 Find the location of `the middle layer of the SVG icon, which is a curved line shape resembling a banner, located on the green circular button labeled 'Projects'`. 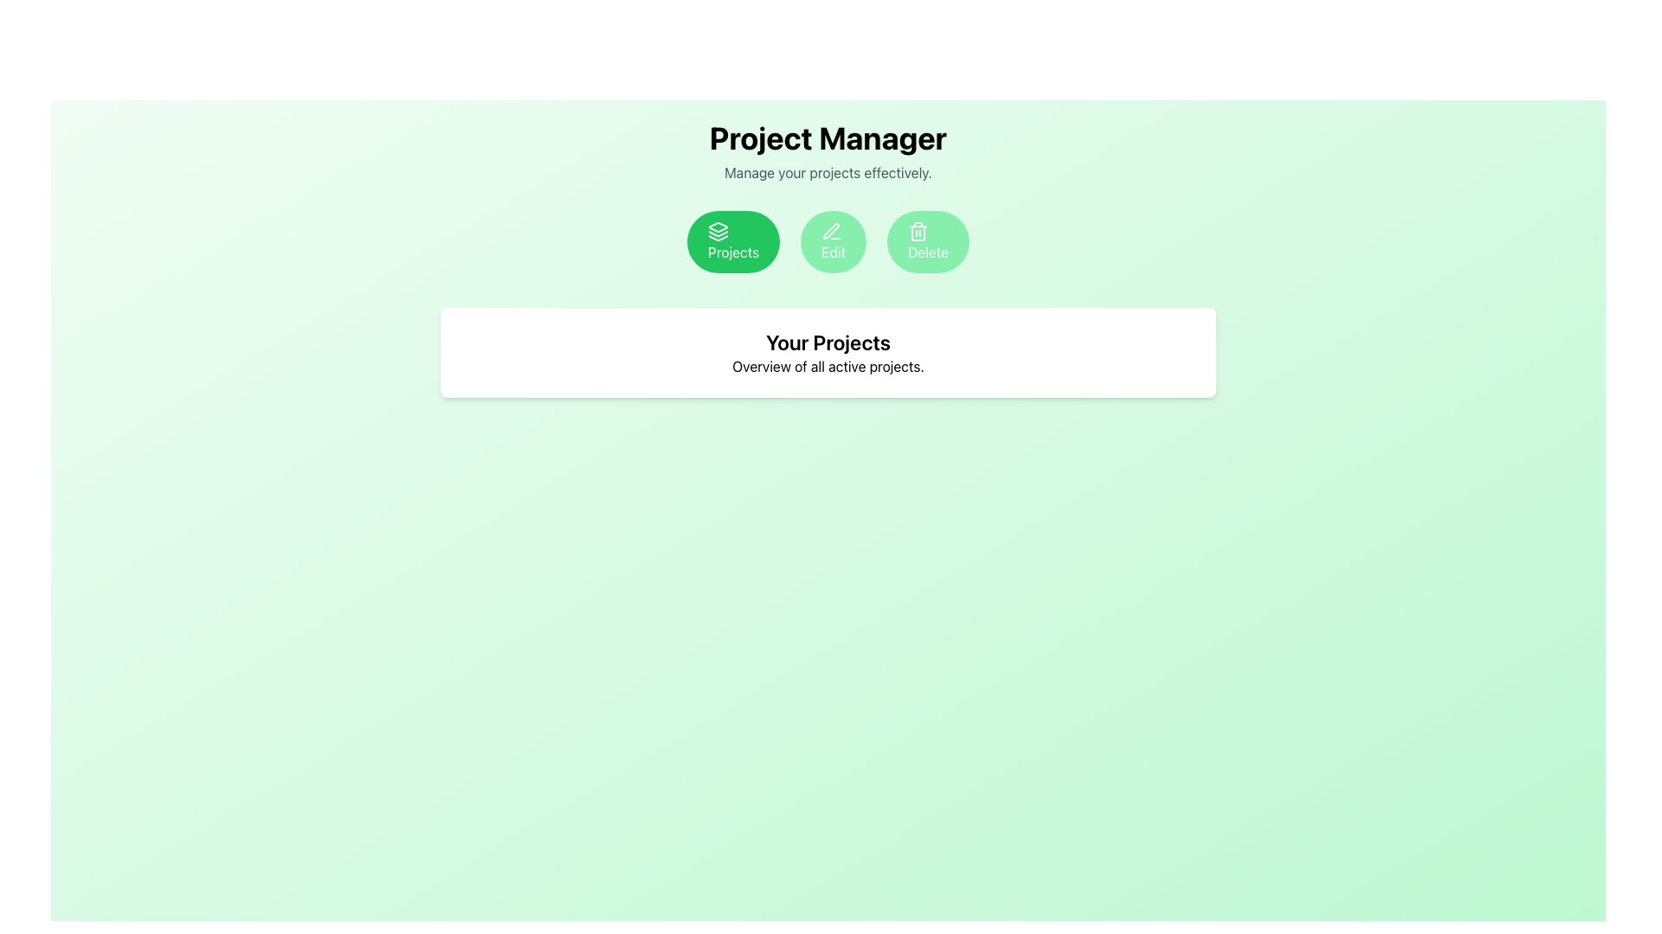

the middle layer of the SVG icon, which is a curved line shape resembling a banner, located on the green circular button labeled 'Projects' is located at coordinates (718, 233).